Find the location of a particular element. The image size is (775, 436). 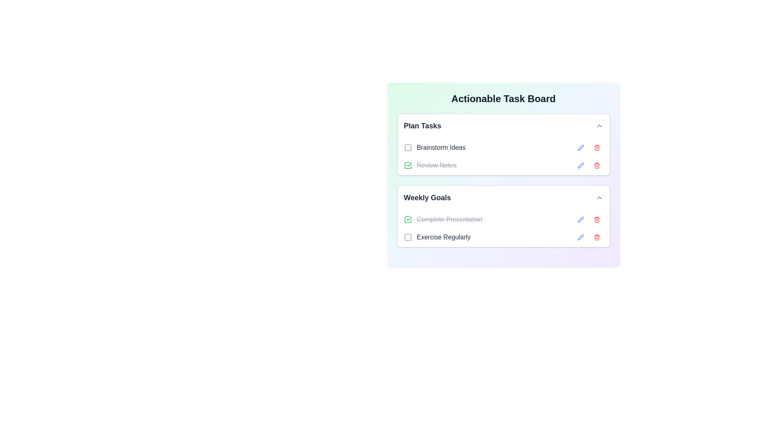

the edit button located in the 'Weekly Goals' section, to the right of the 'Complete Presentation' task is located at coordinates (580, 219).